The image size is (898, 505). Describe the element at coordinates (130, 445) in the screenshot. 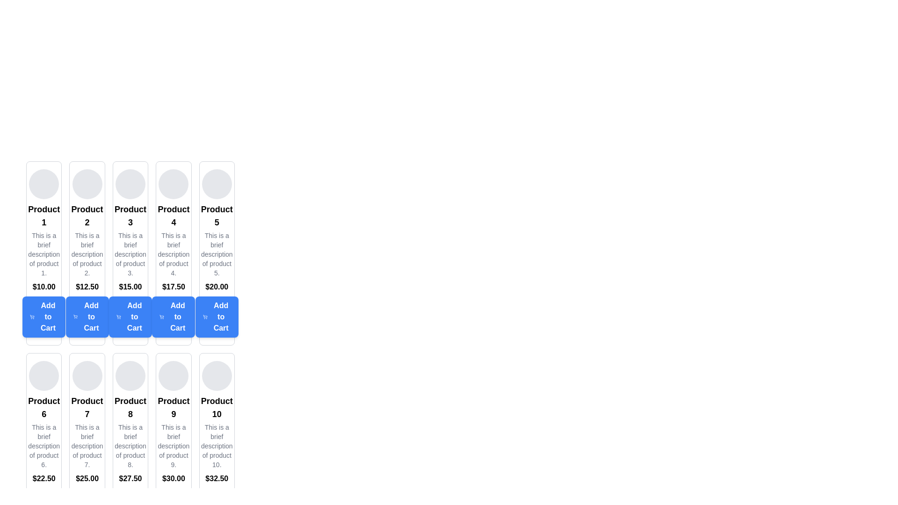

I see `text segment displaying 'This is a brief description of product 8.' which is located beneath the title 'Product 8' and above the price in the product card` at that location.